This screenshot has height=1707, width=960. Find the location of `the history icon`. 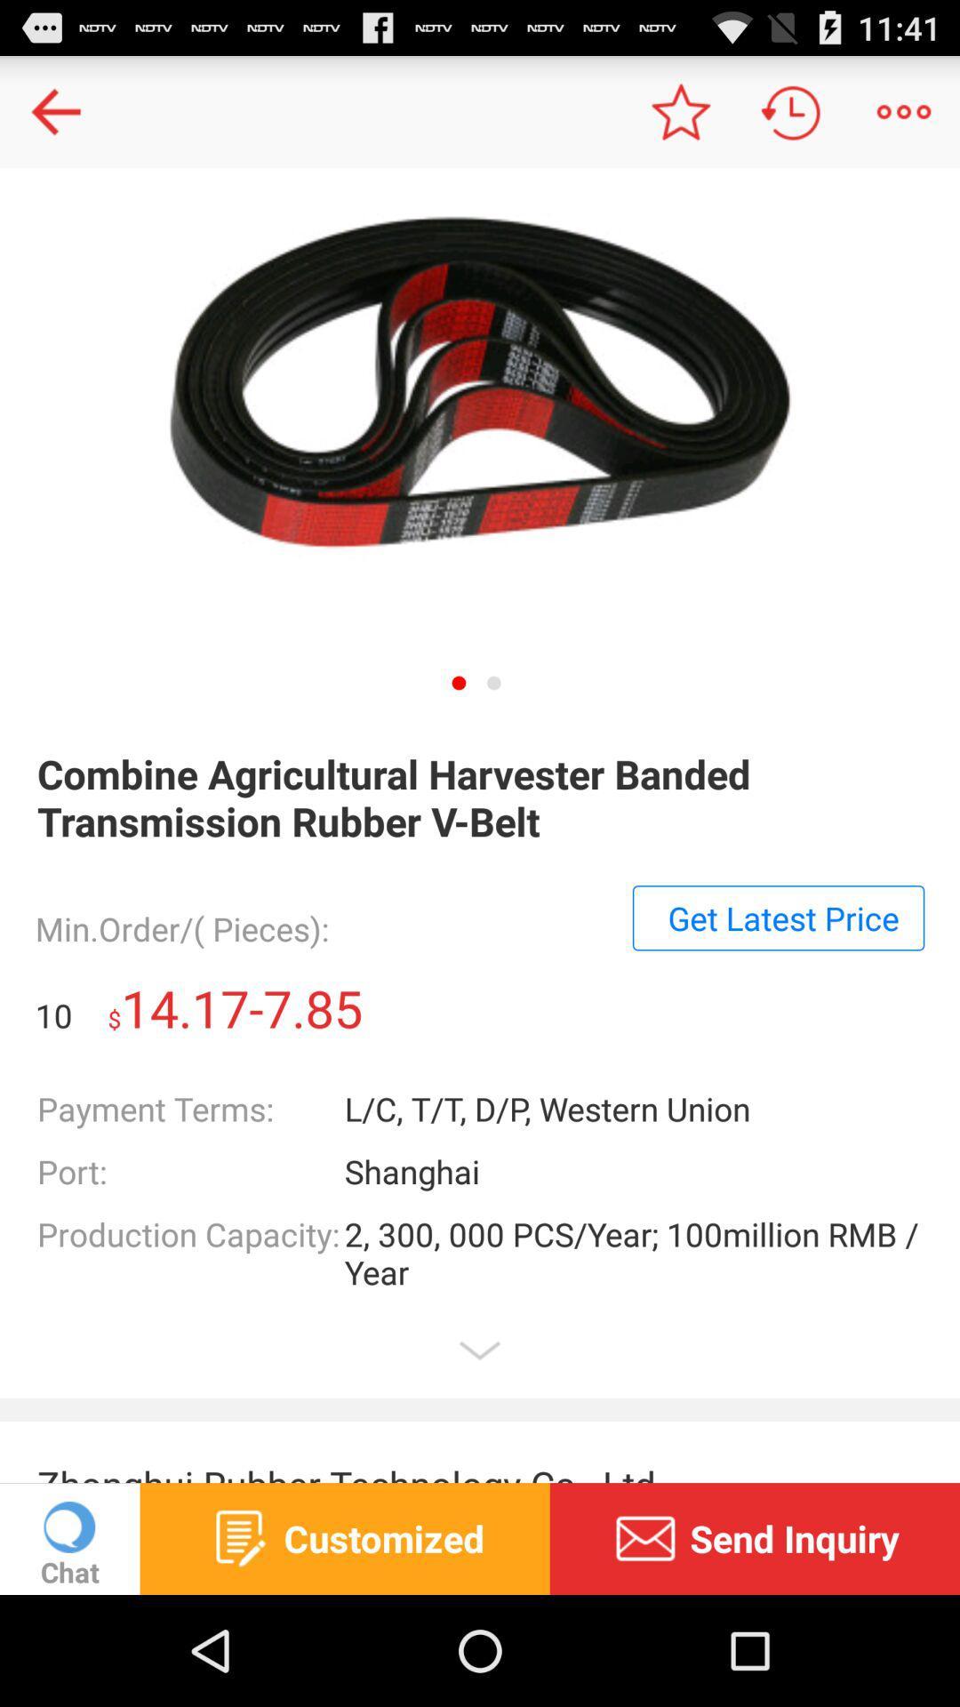

the history icon is located at coordinates (791, 118).